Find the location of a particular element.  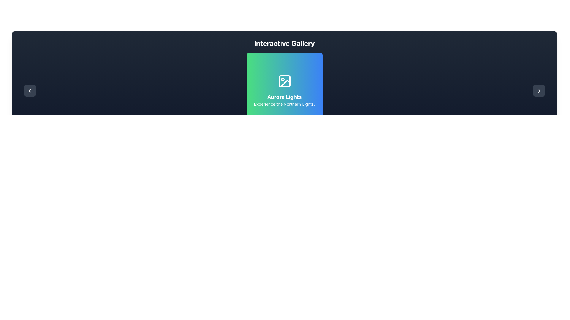

the highlighted middle circular item of the Carousel indicator to emphasize its current state in the gallery navigation is located at coordinates (284, 136).